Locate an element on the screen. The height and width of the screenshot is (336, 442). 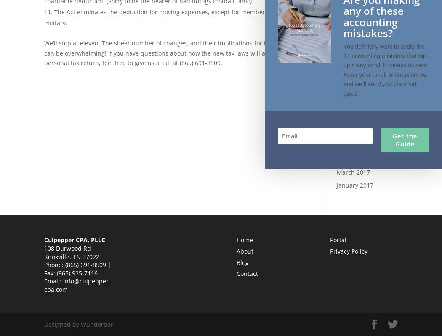
'March 2018' is located at coordinates (336, 68).